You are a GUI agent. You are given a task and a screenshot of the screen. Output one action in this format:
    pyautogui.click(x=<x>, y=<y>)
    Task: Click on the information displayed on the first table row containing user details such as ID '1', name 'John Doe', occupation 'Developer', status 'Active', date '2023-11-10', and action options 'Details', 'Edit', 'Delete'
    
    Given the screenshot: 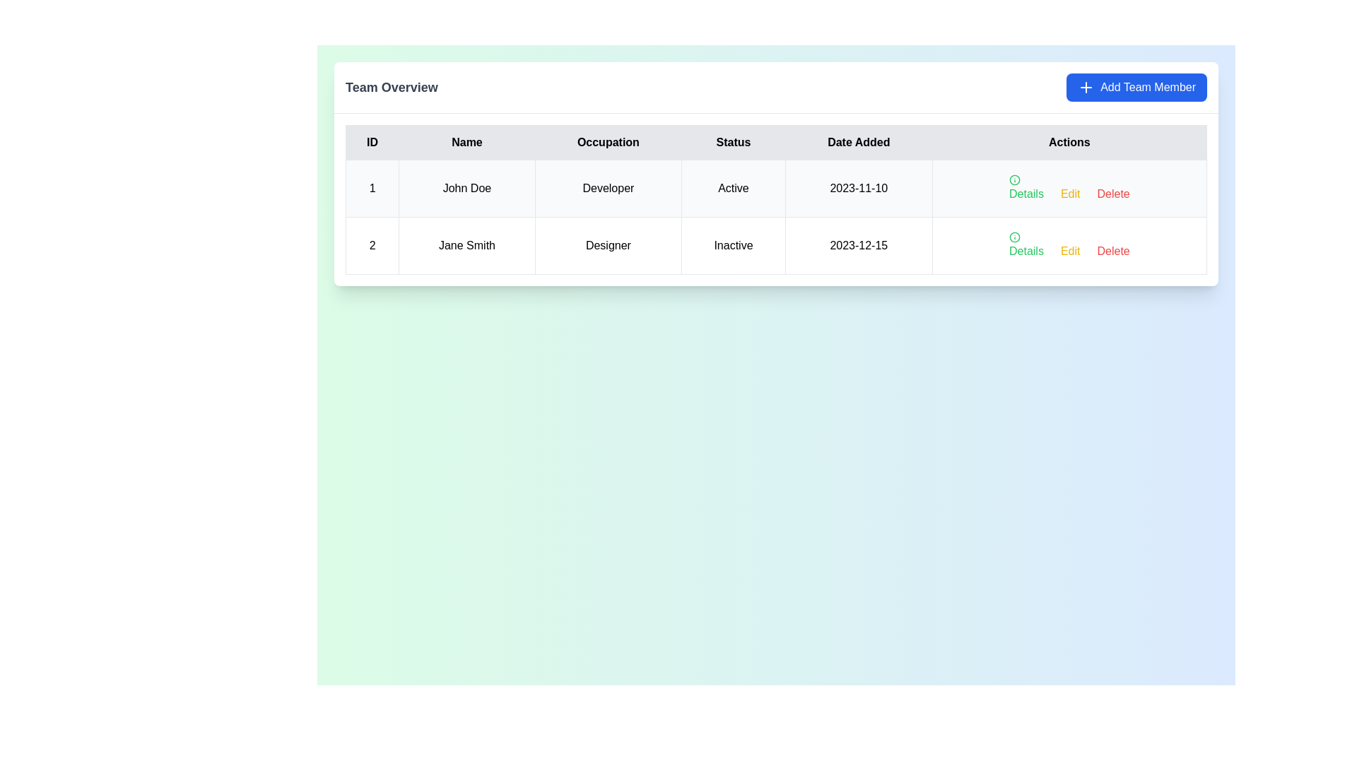 What is the action you would take?
    pyautogui.click(x=775, y=187)
    